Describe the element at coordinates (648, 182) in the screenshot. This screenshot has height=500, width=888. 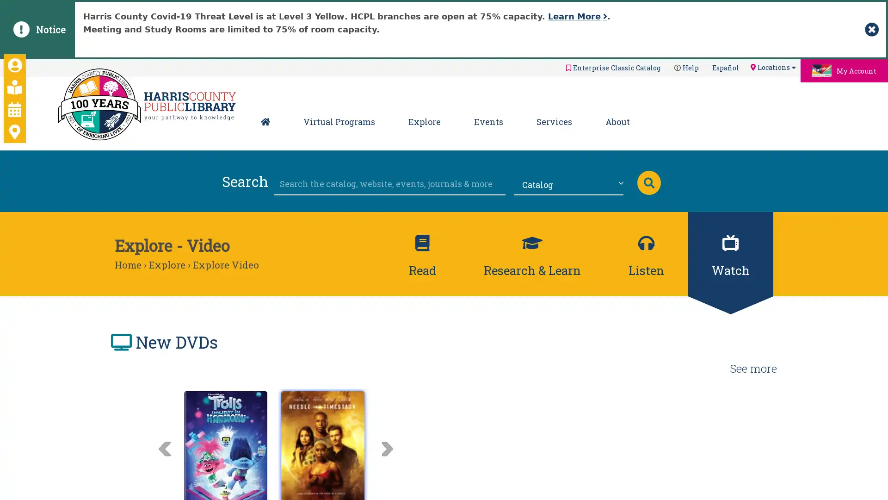
I see `Search` at that location.